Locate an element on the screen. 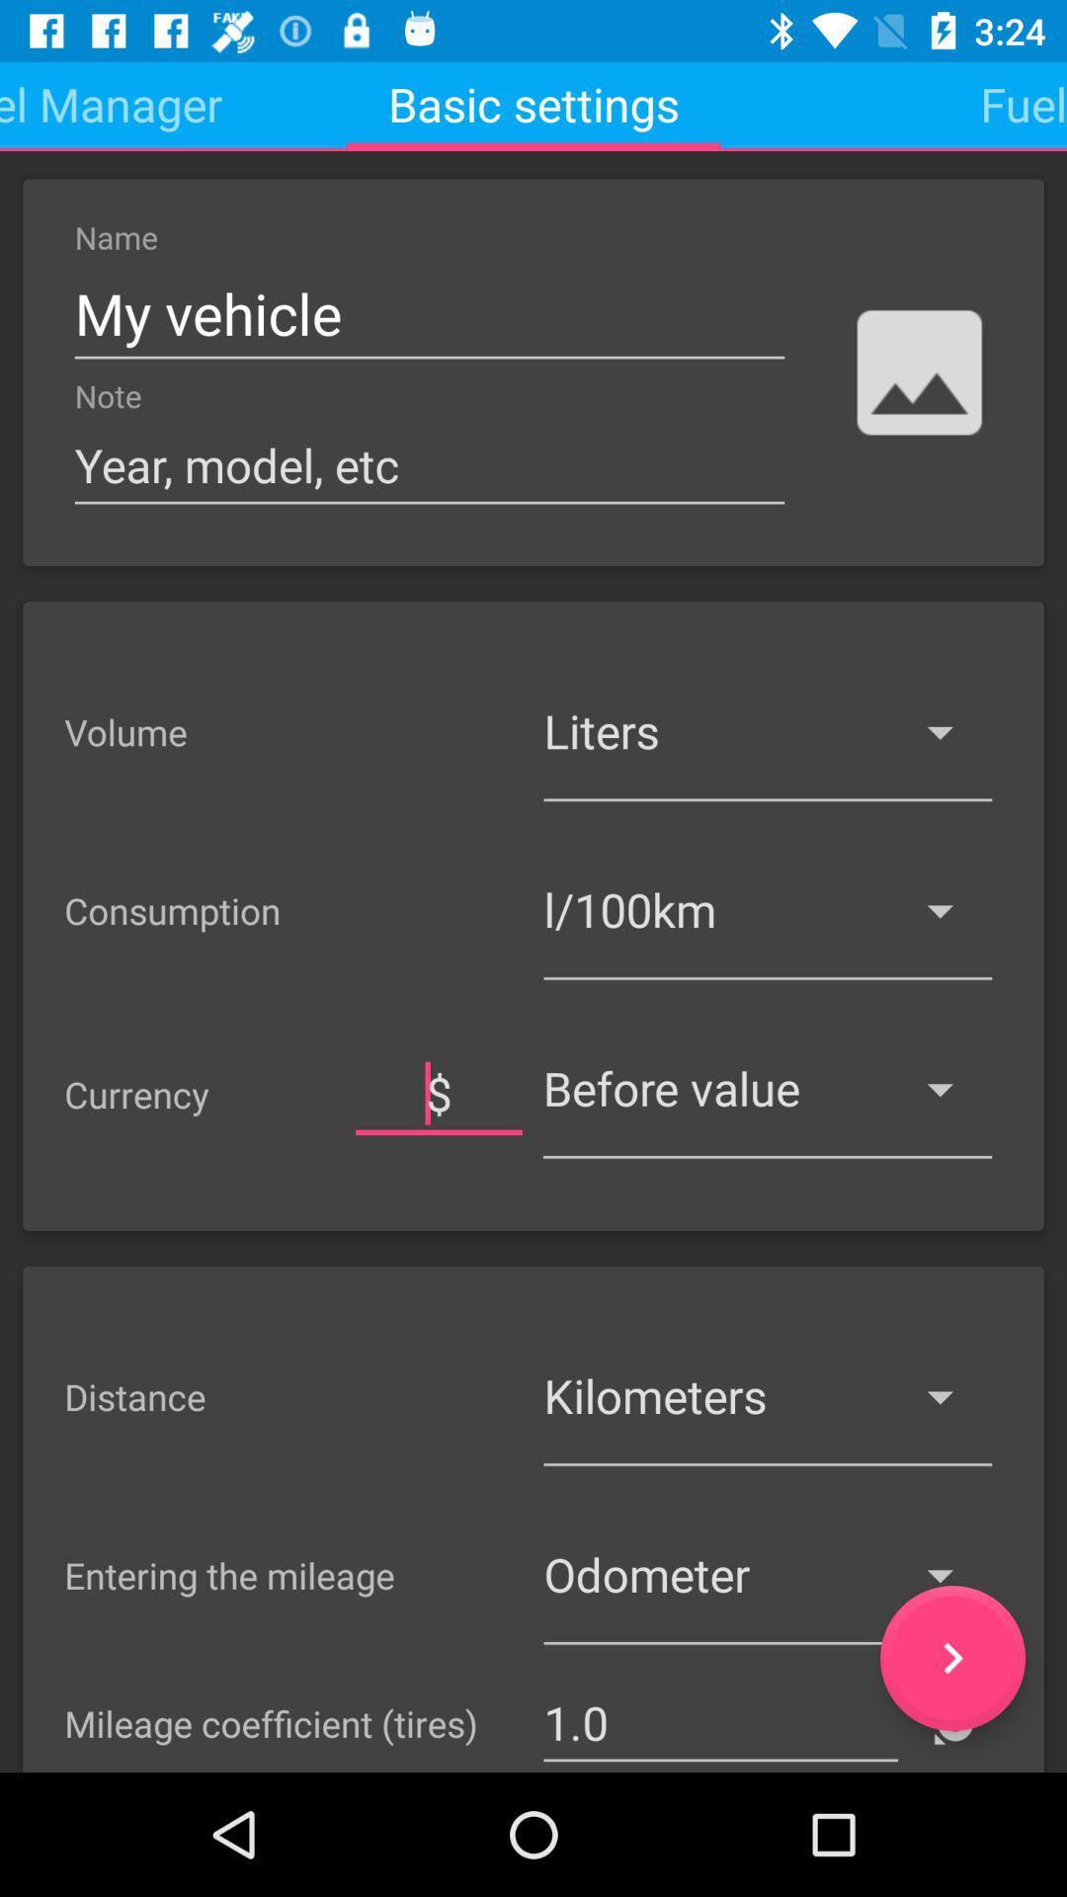  the arrow_forward icon is located at coordinates (951, 1658).